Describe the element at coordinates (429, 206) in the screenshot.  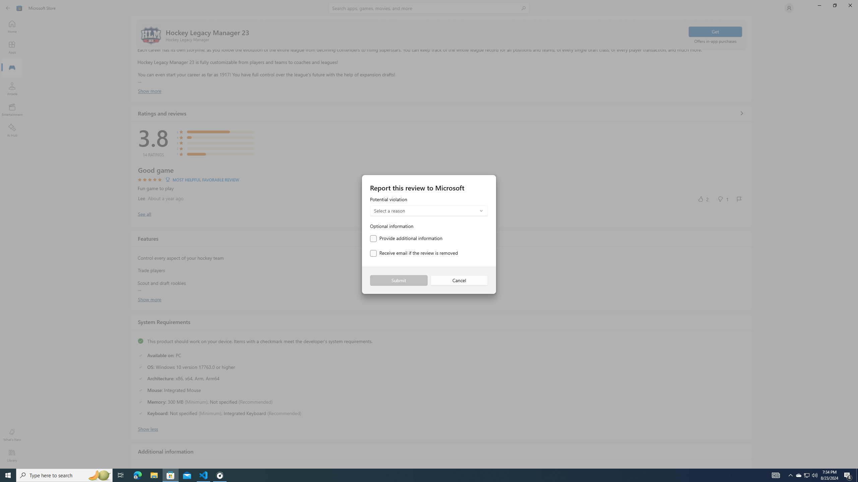
I see `'Potential violation'` at that location.